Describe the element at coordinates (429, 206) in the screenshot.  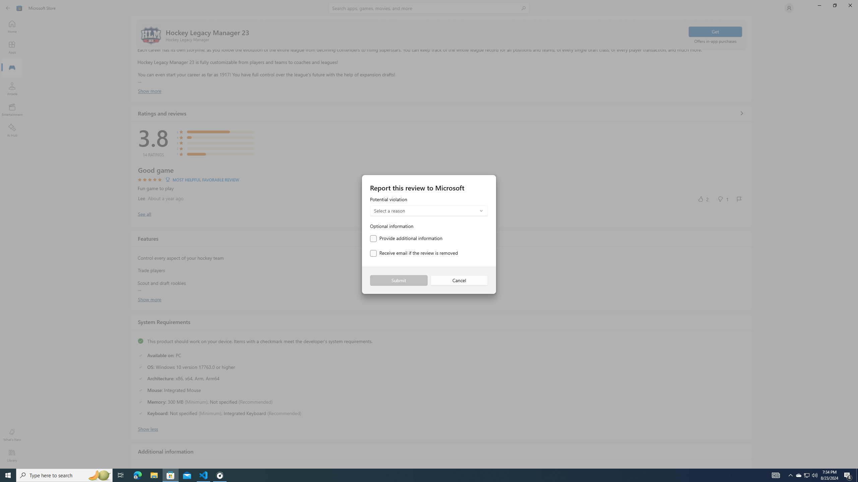
I see `'Potential violation'` at that location.